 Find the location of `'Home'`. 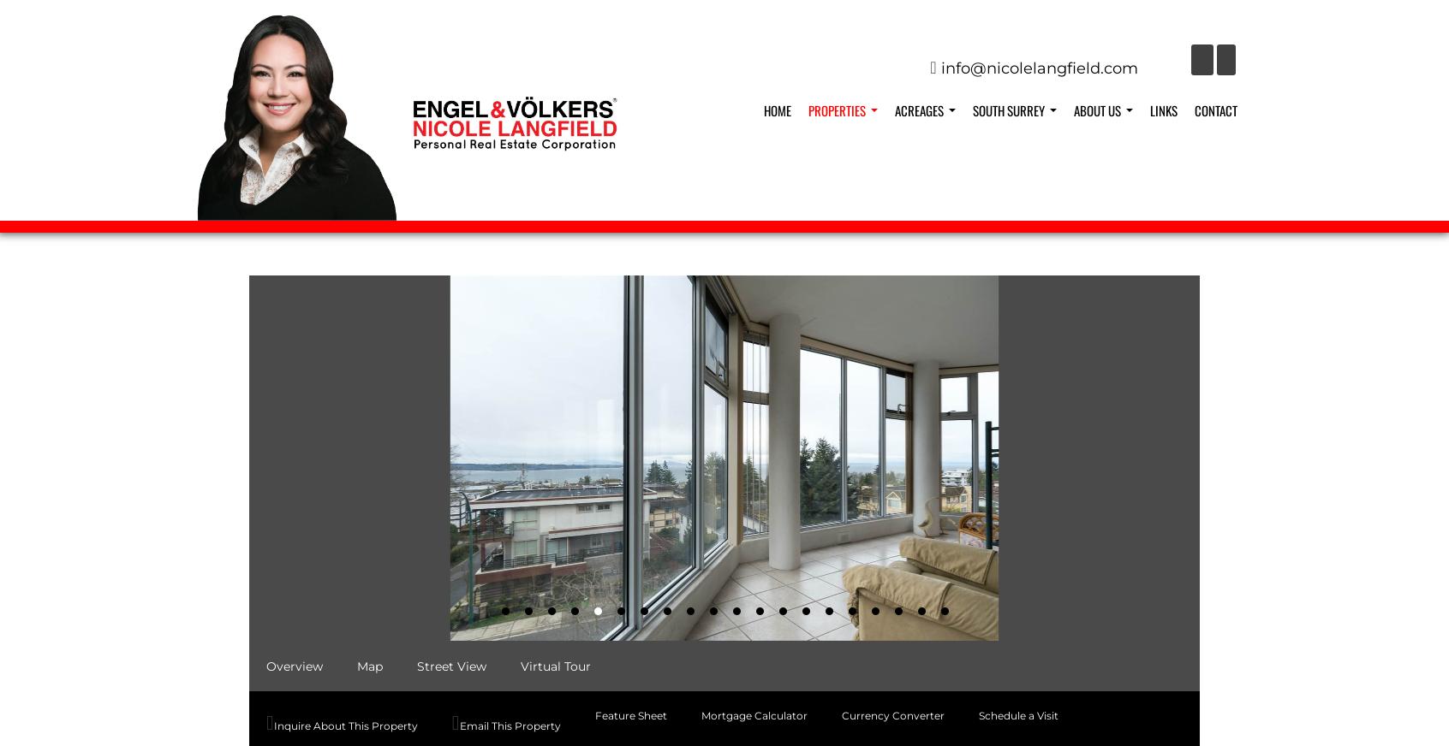

'Home' is located at coordinates (776, 110).